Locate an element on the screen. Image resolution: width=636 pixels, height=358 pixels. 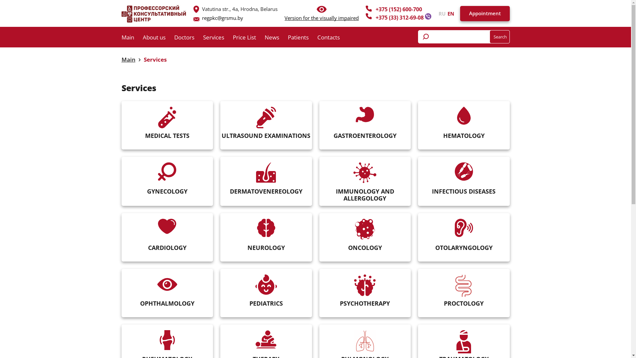
'+375 (152) 600-700' is located at coordinates (398, 9).